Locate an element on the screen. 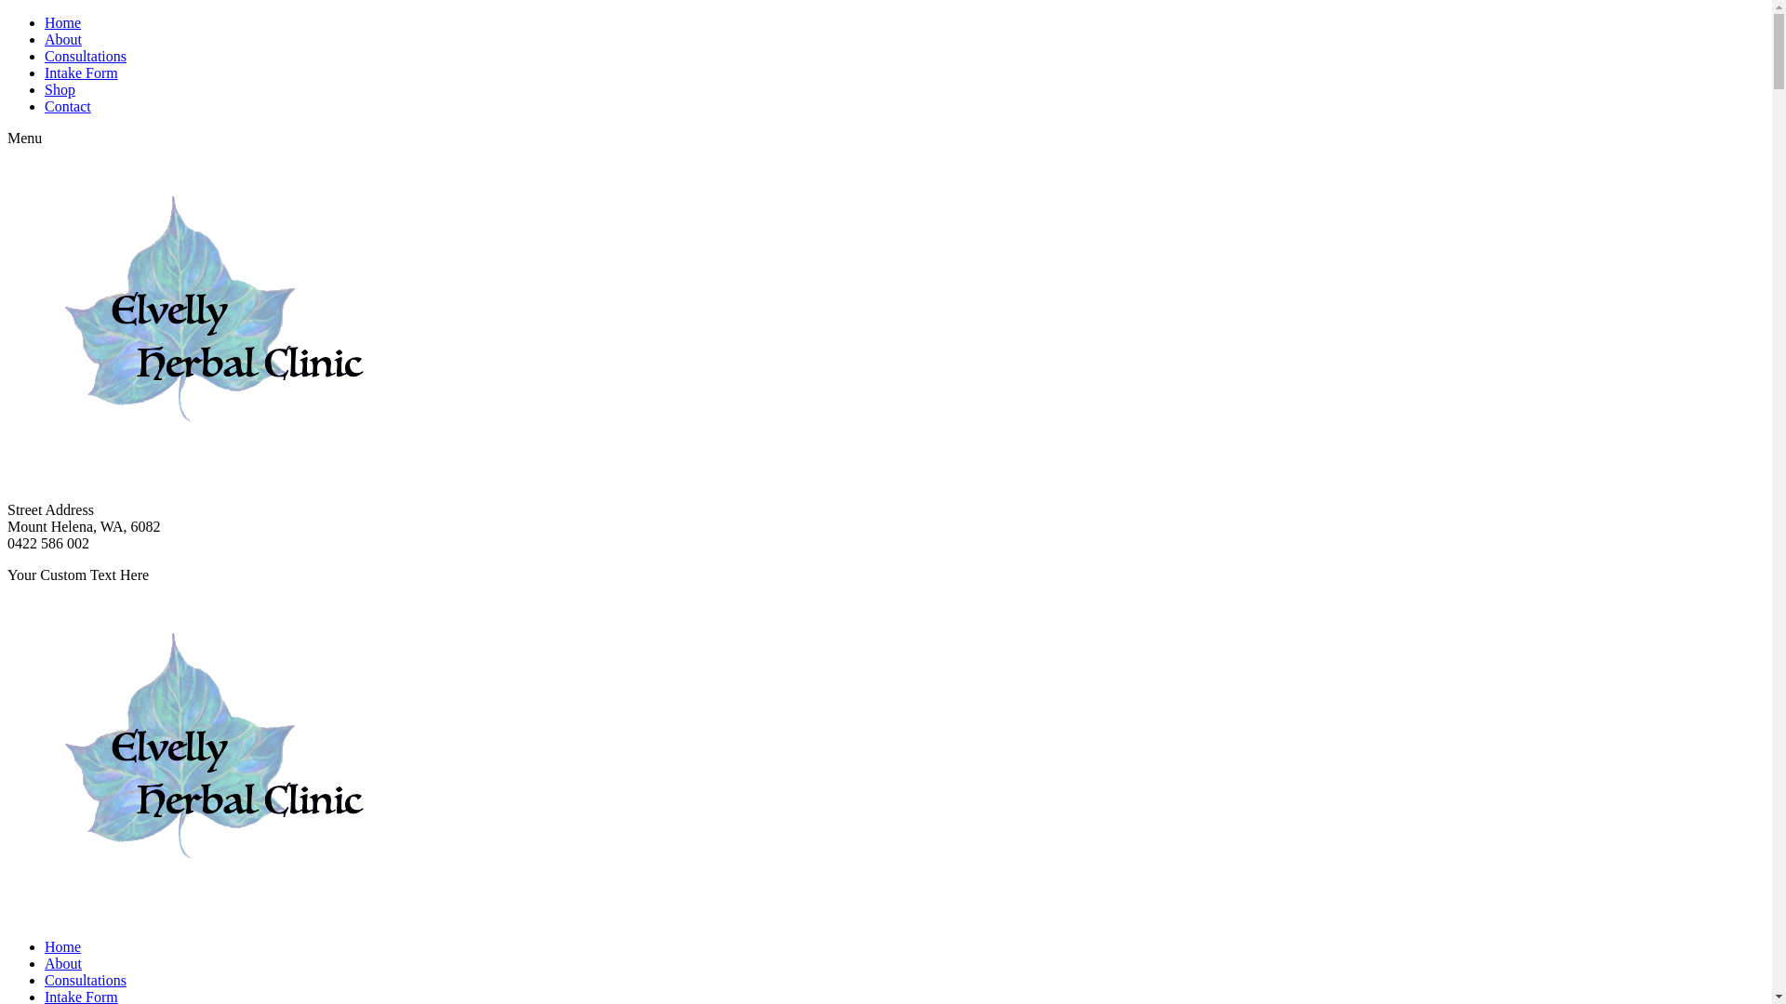 This screenshot has width=1786, height=1004. 'Contact' is located at coordinates (45, 106).